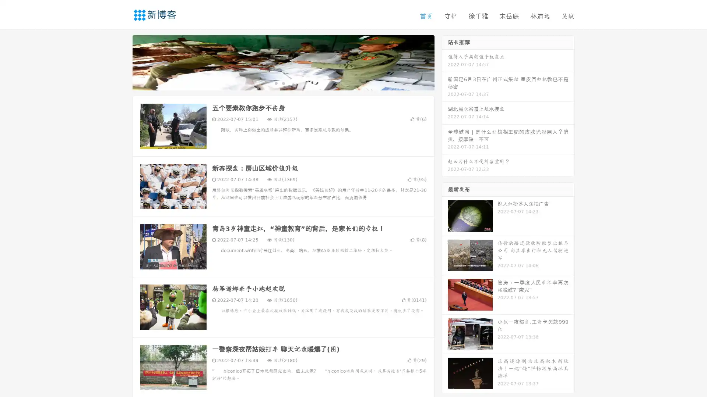 Image resolution: width=707 pixels, height=397 pixels. Describe the element at coordinates (122, 62) in the screenshot. I see `Previous slide` at that location.